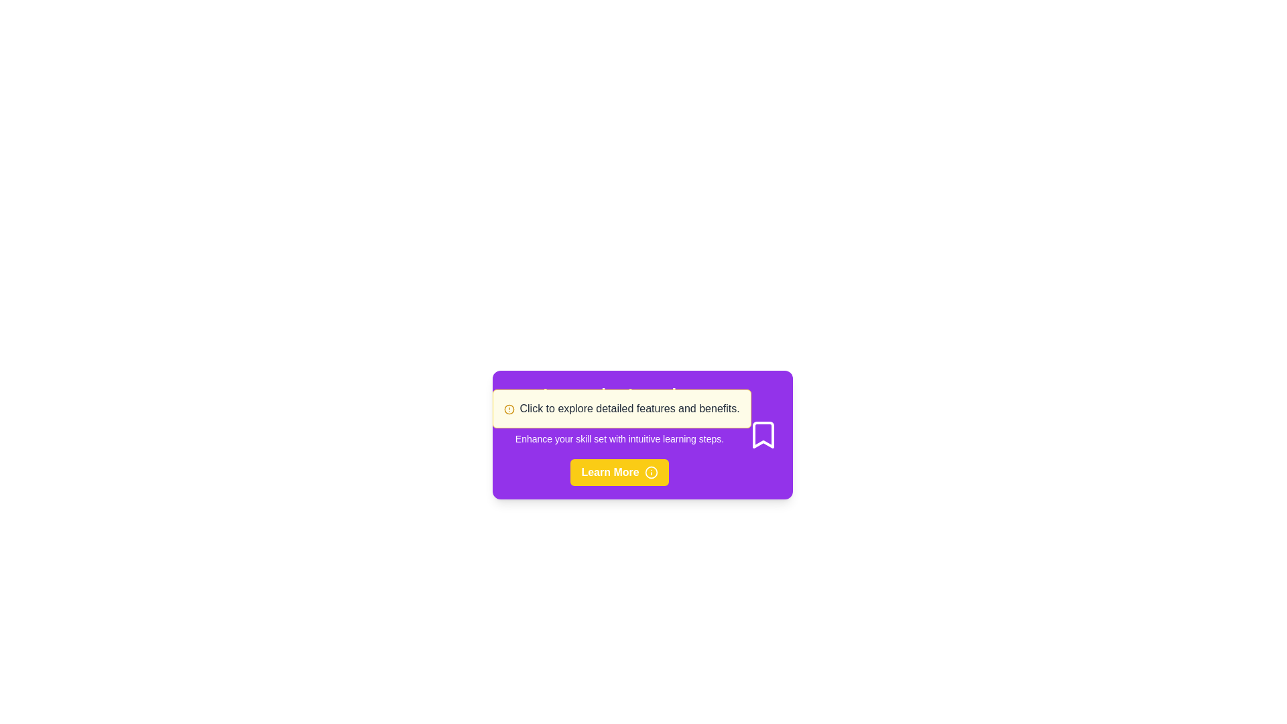 The width and height of the screenshot is (1287, 724). I want to click on the circular element within the SVG graphic that is part of the information icon, located at the center of the SVG, so click(651, 472).